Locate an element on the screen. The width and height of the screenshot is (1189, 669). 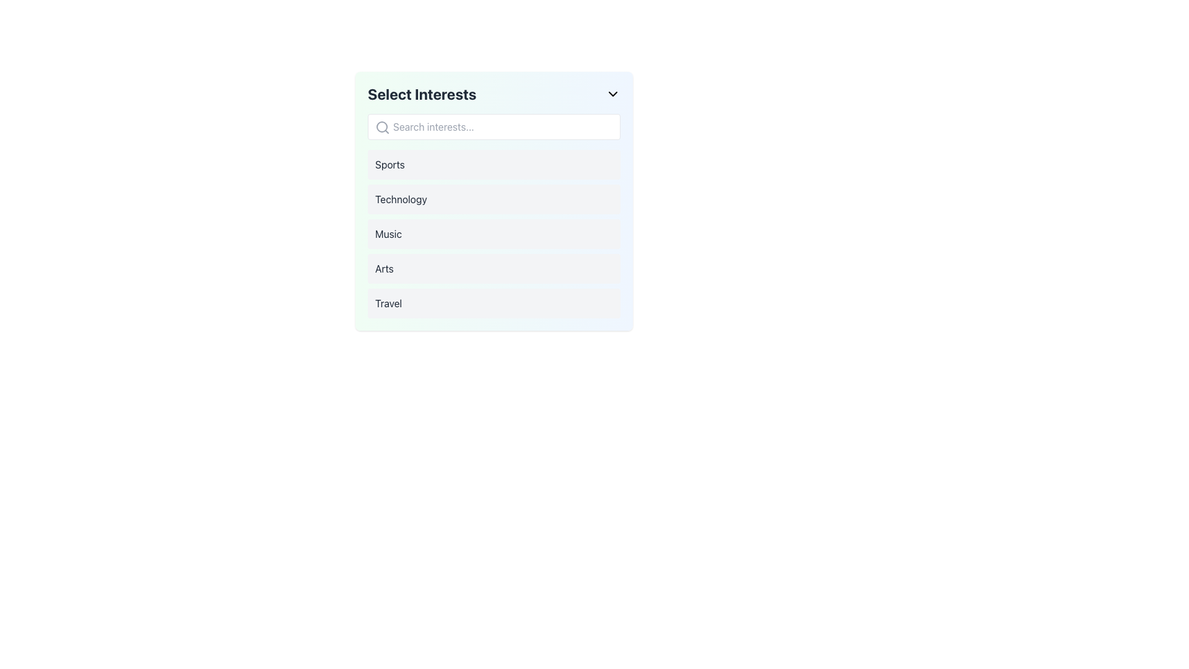
the 'Technology' text label, which is the second option in the vertical list under the header 'Select Interests' is located at coordinates (401, 198).